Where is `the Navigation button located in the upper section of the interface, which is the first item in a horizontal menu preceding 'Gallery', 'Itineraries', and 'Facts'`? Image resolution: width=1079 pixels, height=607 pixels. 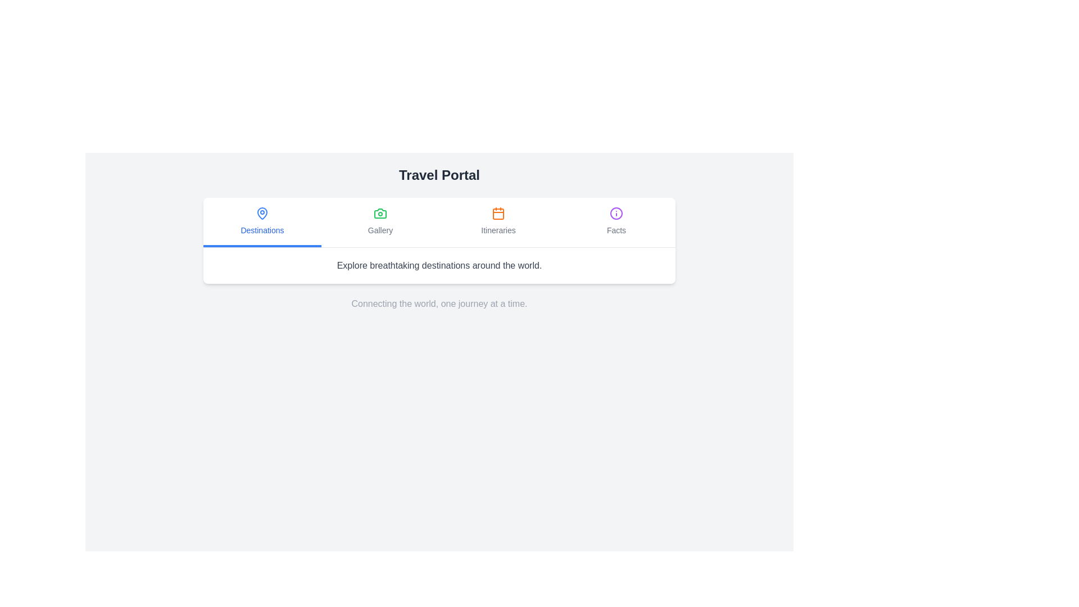 the Navigation button located in the upper section of the interface, which is the first item in a horizontal menu preceding 'Gallery', 'Itineraries', and 'Facts' is located at coordinates (261, 221).